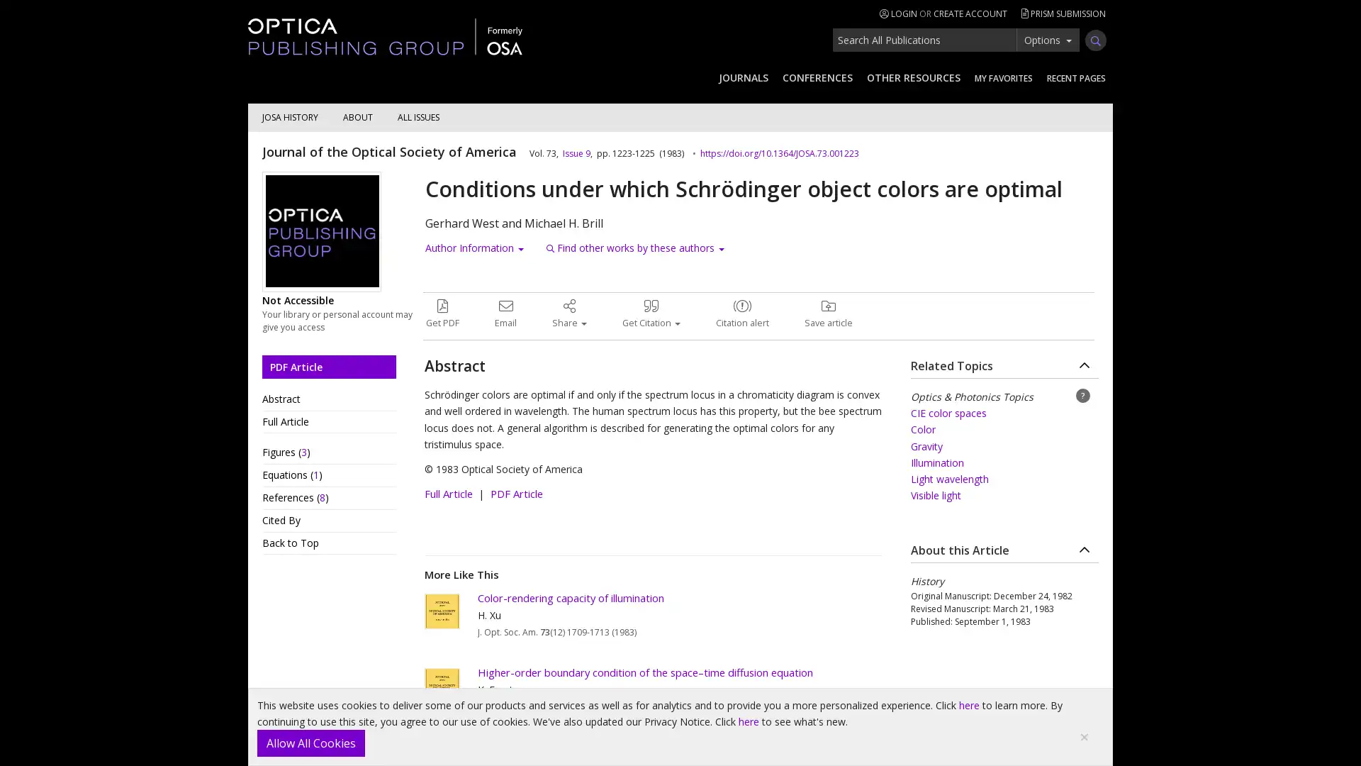  Describe the element at coordinates (1094, 40) in the screenshot. I see `start search` at that location.